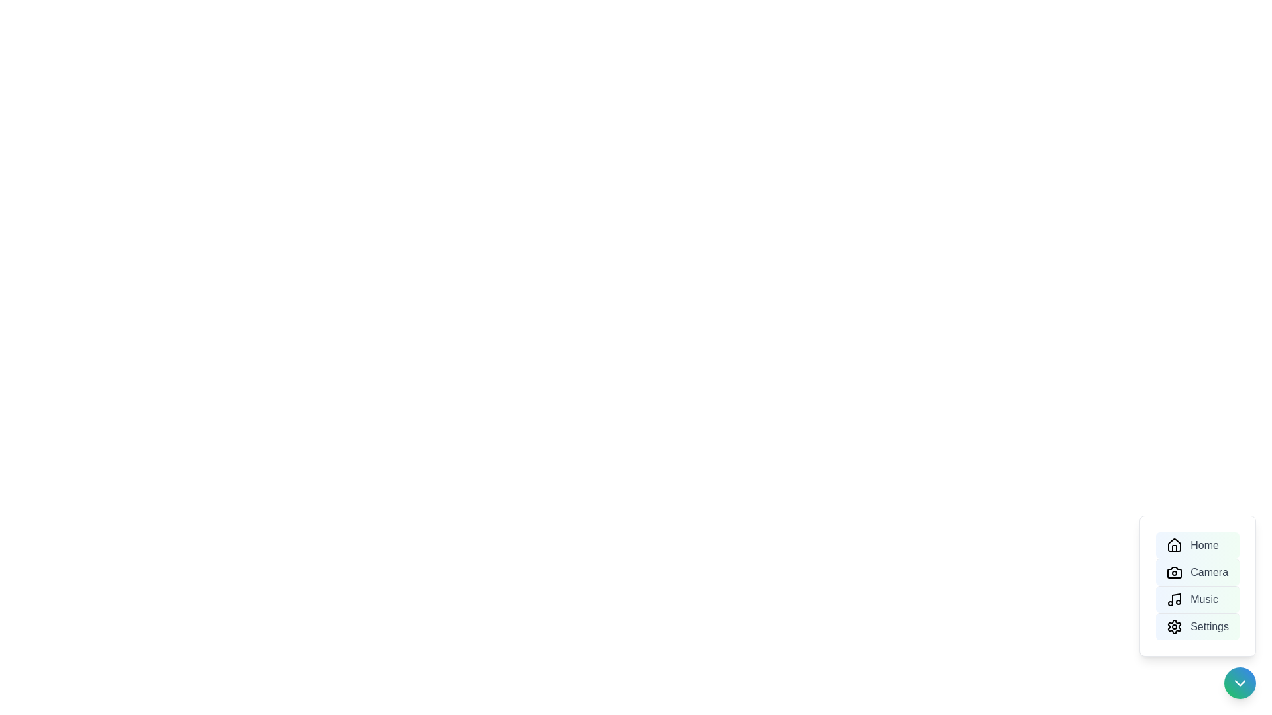  What do you see at coordinates (1198, 571) in the screenshot?
I see `the menu option Camera to highlight it` at bounding box center [1198, 571].